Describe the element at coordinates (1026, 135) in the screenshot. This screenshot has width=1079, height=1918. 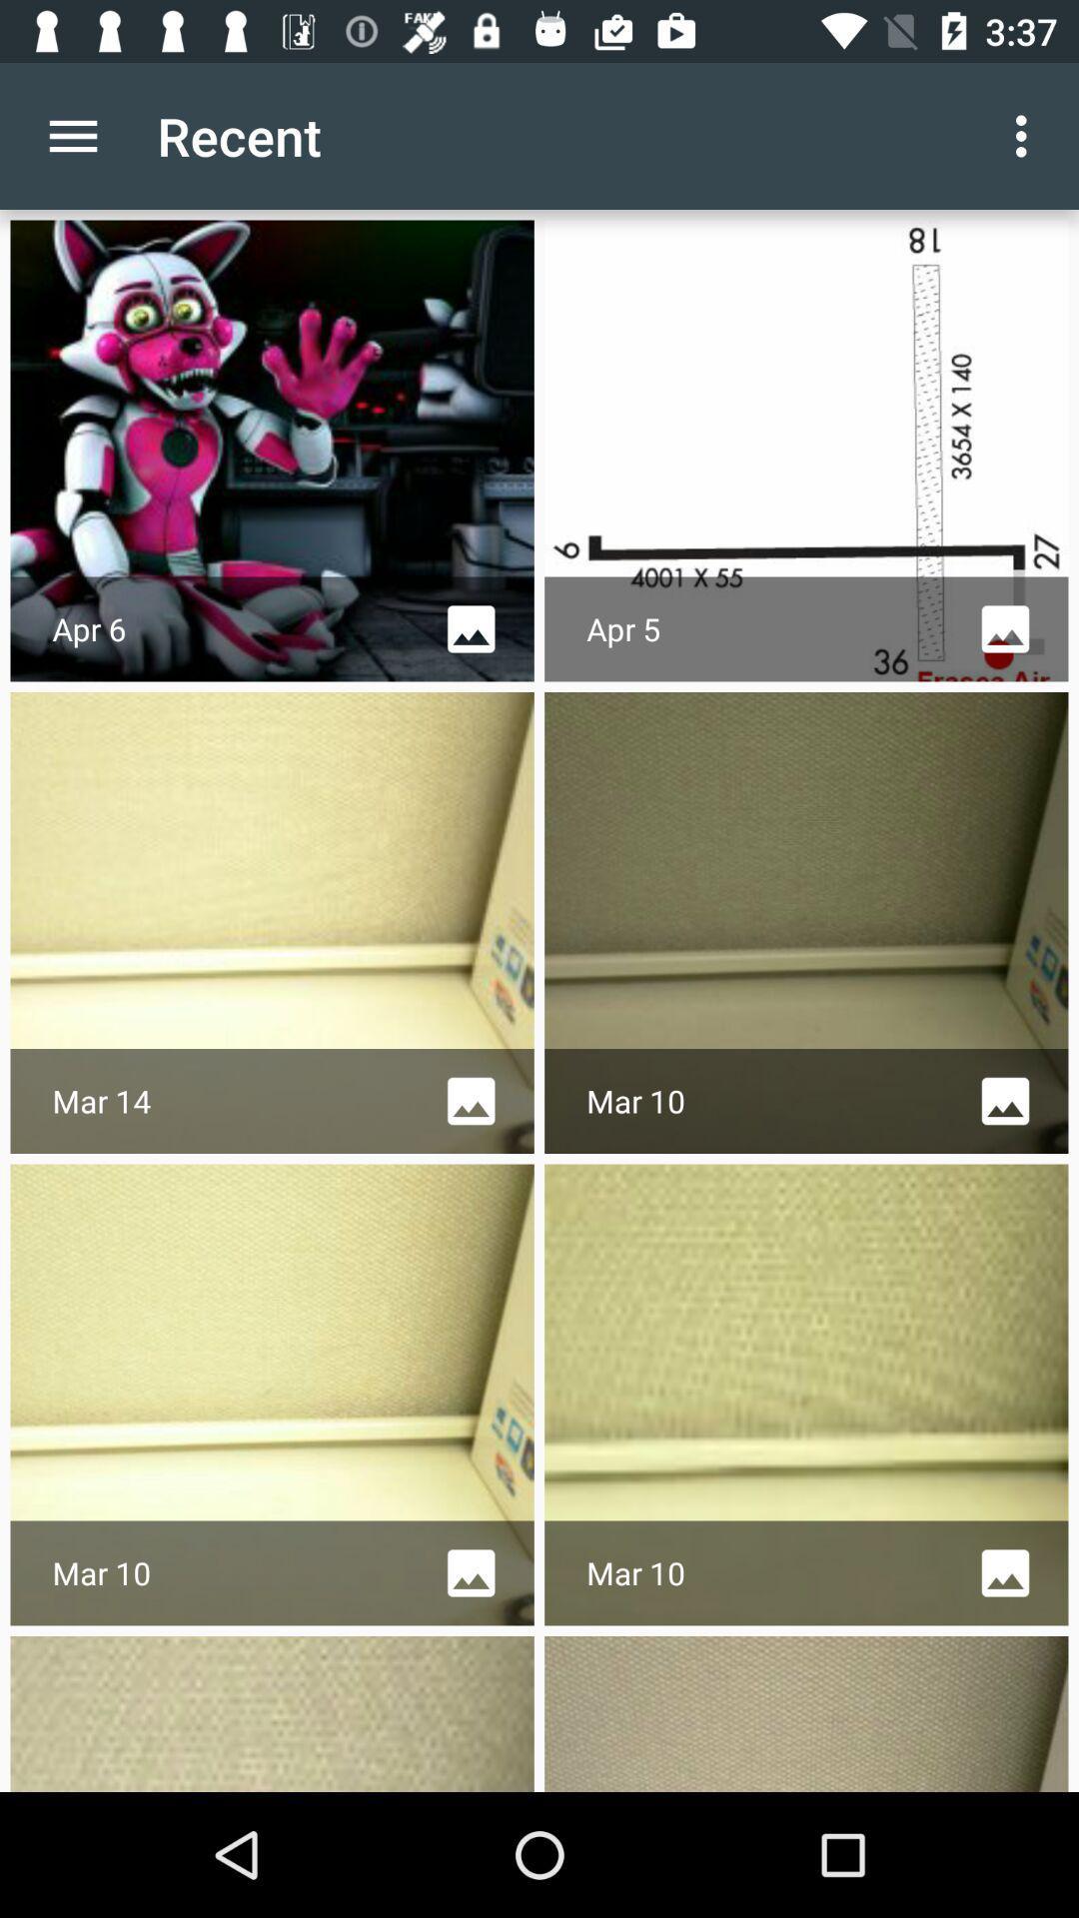
I see `item to the right of recent` at that location.